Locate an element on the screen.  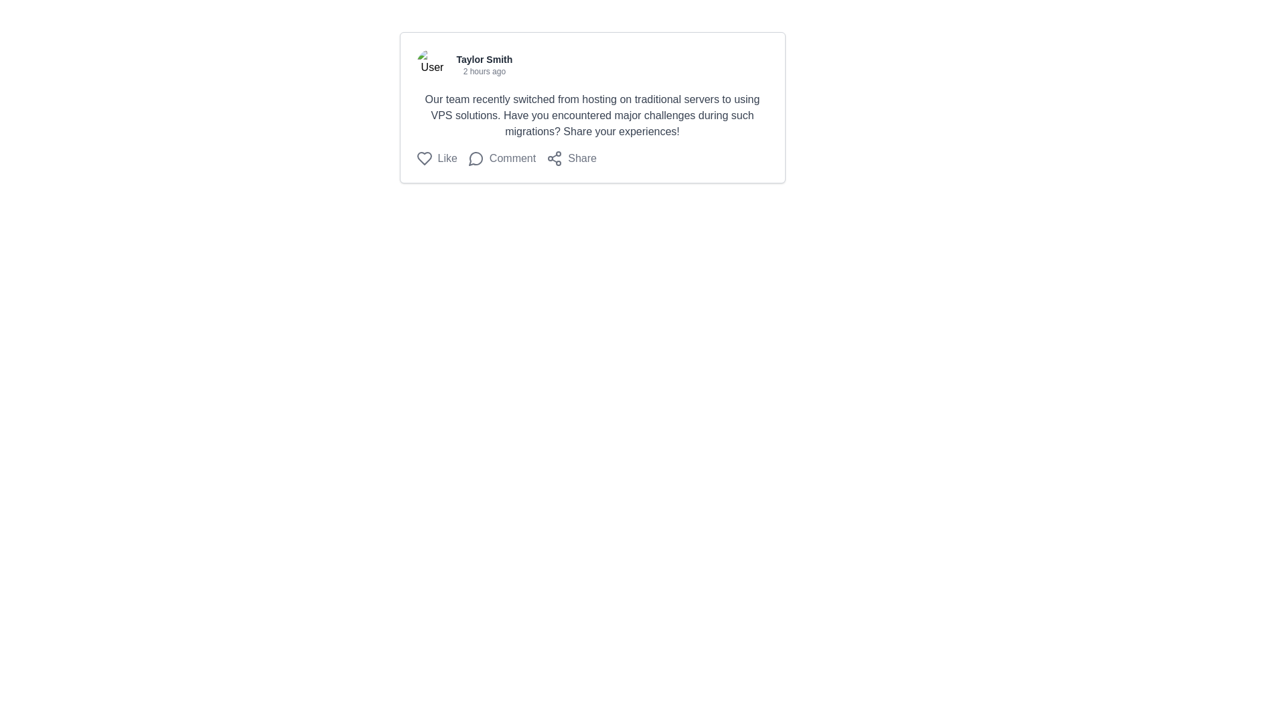
the 'Like' button located at the bottom-left of the card to indicate approval for the content is located at coordinates (437, 157).